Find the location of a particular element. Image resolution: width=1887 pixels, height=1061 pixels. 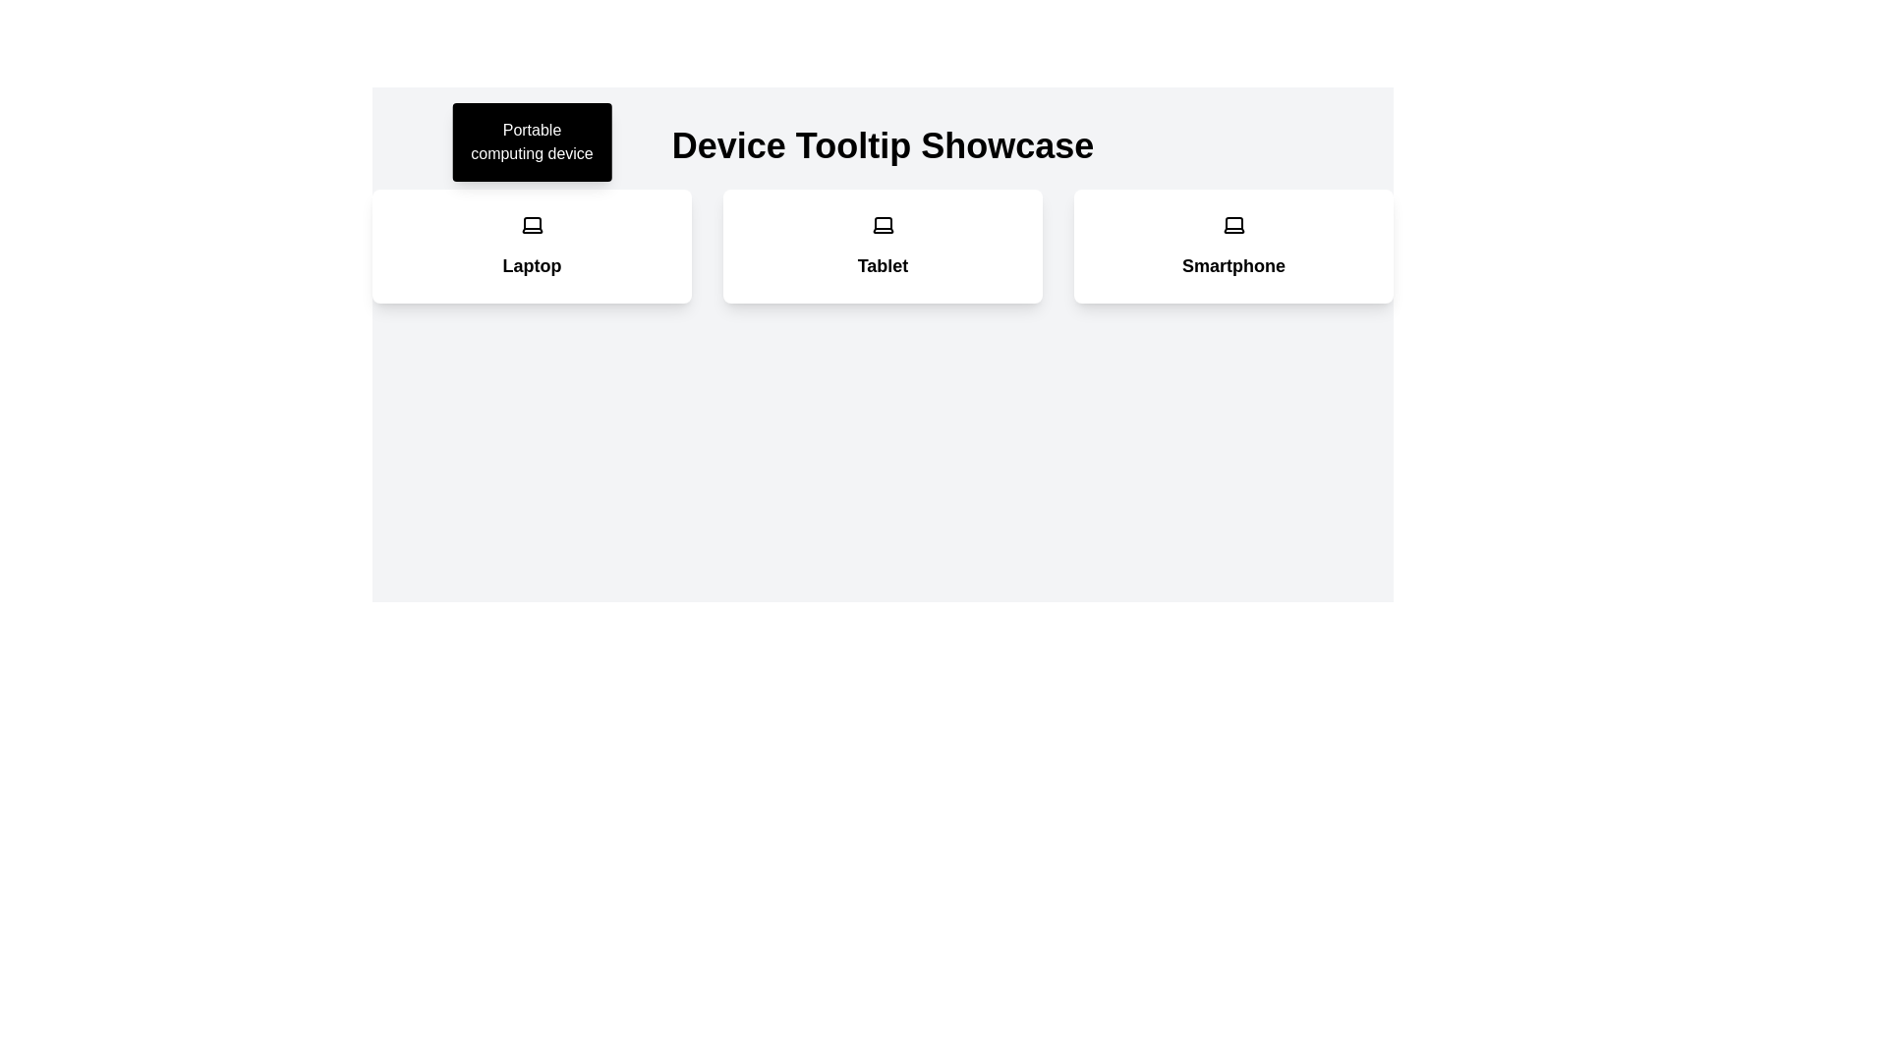

the laptop icon located above the text label 'Laptop' within the card structure on the left-hand side of the row of three cards labeled 'Laptop,' 'Tablet,' and 'Smartphone.' is located at coordinates (532, 224).